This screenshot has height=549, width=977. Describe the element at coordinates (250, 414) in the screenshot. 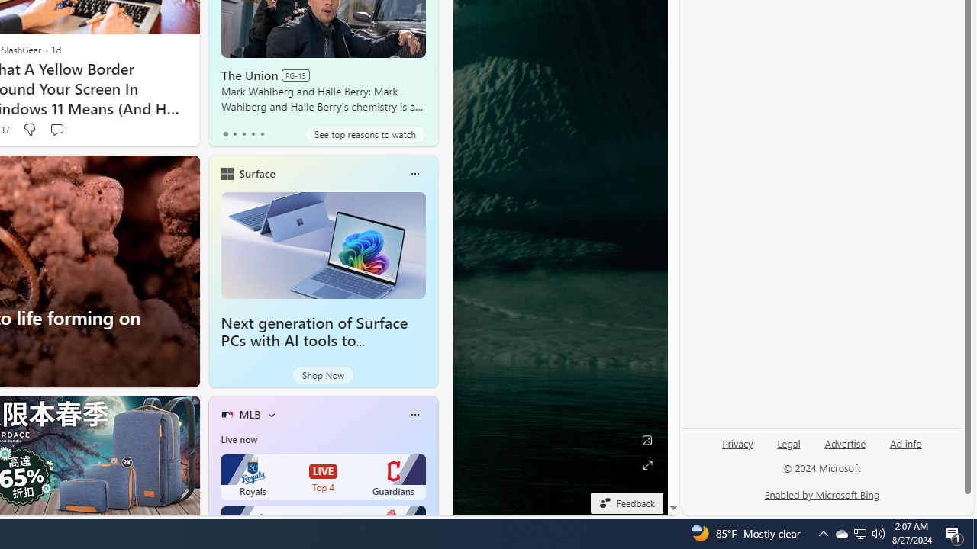

I see `'MLB'` at that location.